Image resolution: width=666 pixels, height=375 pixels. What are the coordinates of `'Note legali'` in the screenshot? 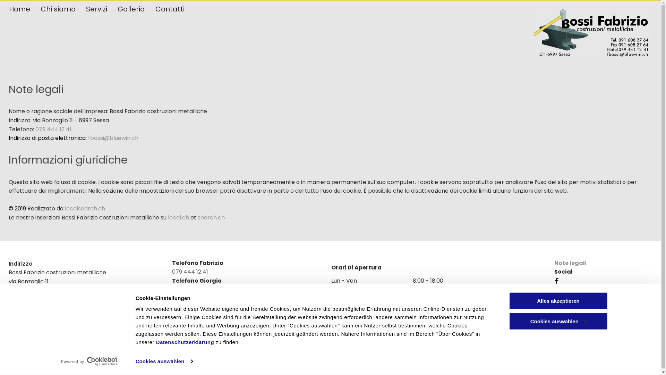 It's located at (570, 263).